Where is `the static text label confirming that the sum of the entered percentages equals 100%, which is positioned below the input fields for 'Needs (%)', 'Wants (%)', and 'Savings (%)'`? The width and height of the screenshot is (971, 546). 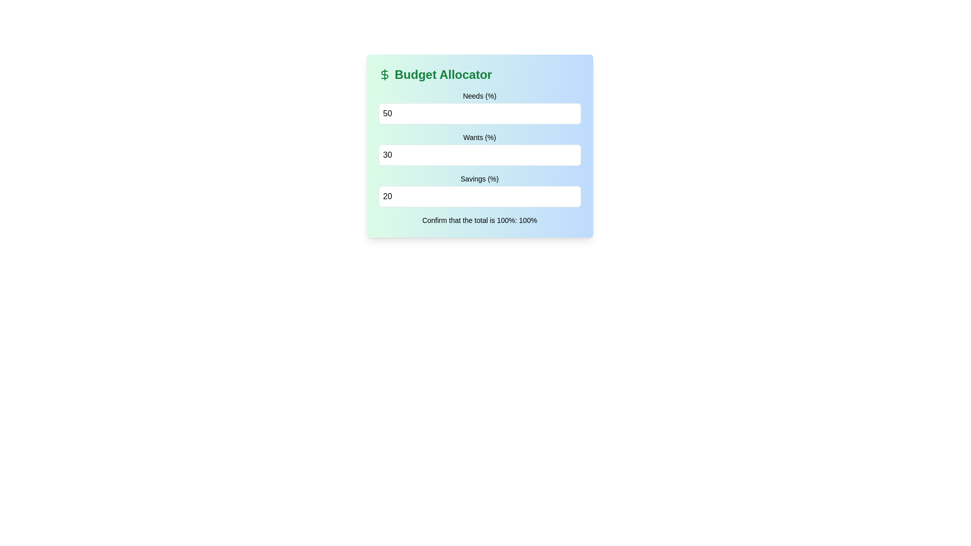 the static text label confirming that the sum of the entered percentages equals 100%, which is positioned below the input fields for 'Needs (%)', 'Wants (%)', and 'Savings (%)' is located at coordinates (479, 219).